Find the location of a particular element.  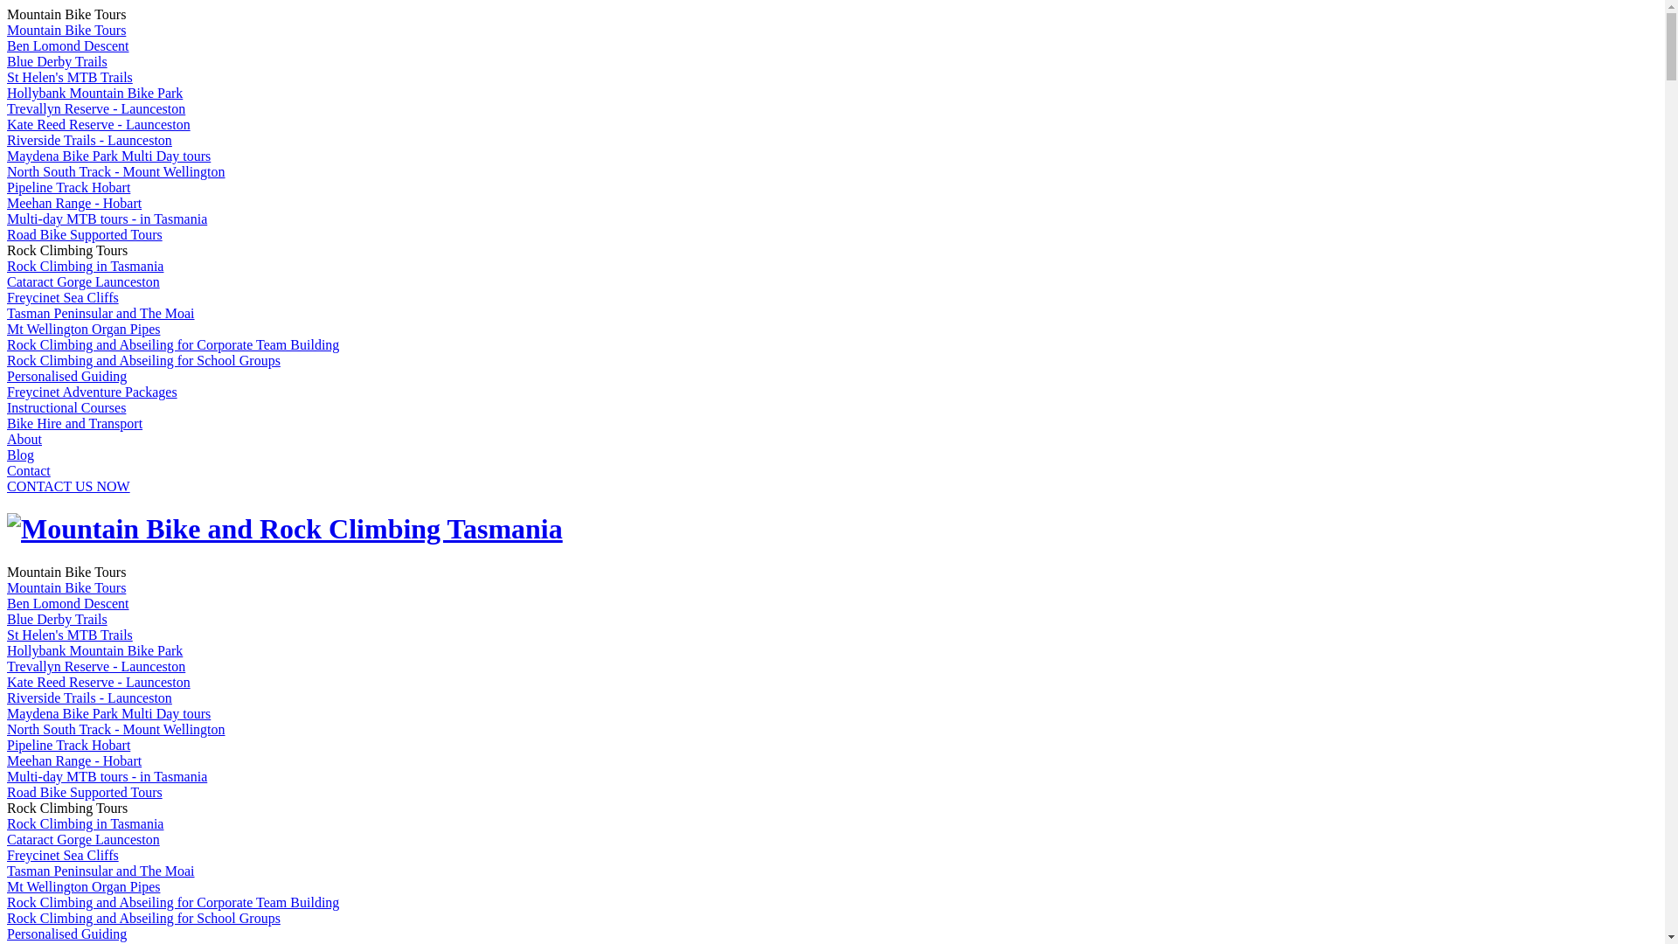

'Hollybank Mountain Bike Park' is located at coordinates (94, 650).